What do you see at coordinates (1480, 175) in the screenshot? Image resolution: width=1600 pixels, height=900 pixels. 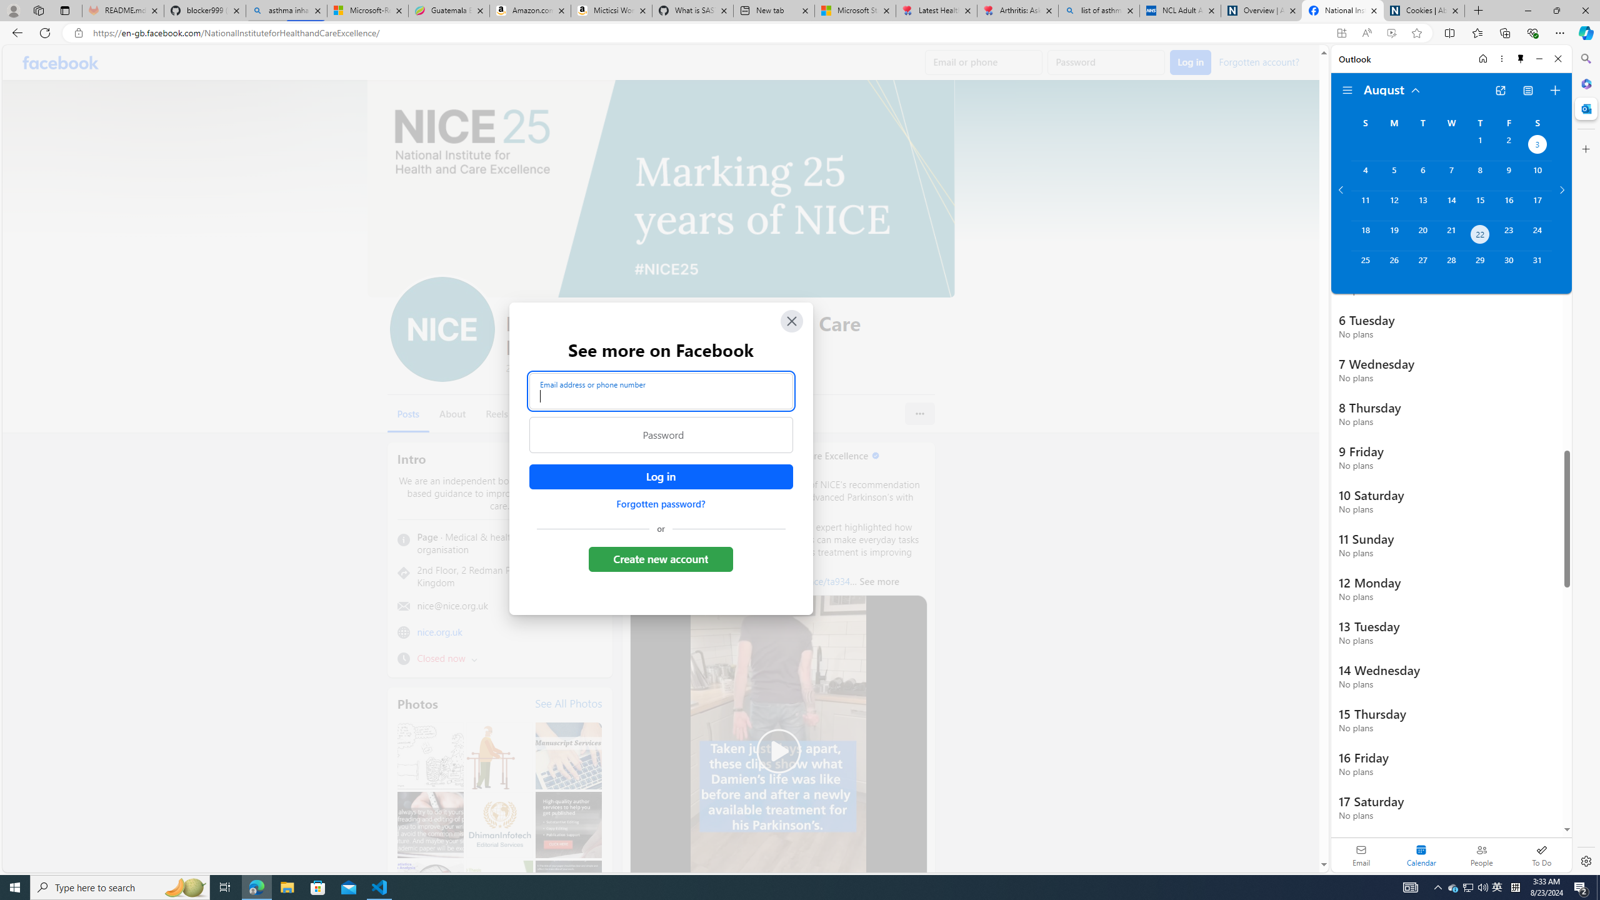 I see `'Thursday, August 8, 2024. '` at bounding box center [1480, 175].